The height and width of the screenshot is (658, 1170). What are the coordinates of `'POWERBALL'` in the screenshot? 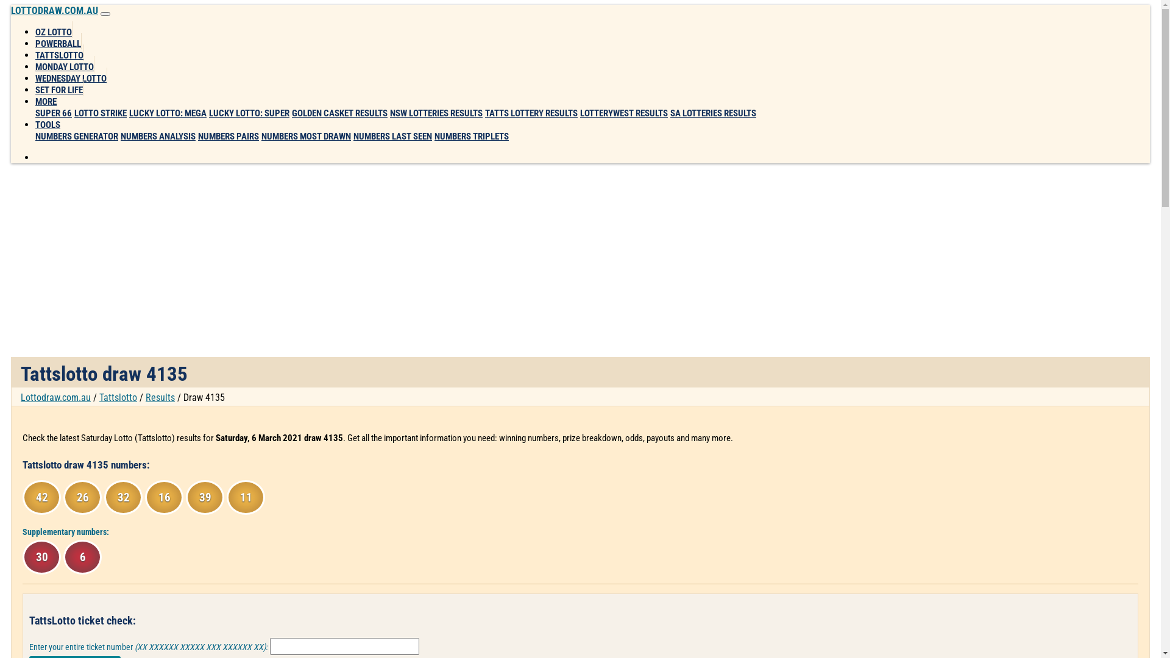 It's located at (35, 40).